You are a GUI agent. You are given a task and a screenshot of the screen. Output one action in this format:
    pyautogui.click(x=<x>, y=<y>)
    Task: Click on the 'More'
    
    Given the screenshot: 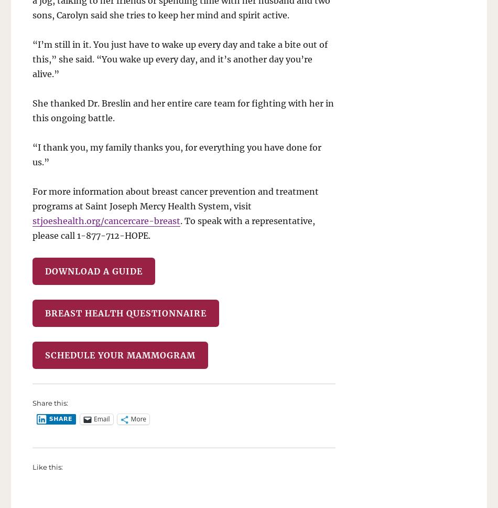 What is the action you would take?
    pyautogui.click(x=138, y=418)
    